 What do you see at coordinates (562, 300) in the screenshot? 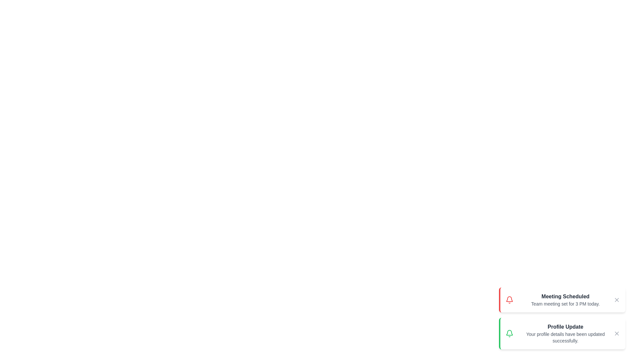
I see `the title and description of a notification by selecting 1` at bounding box center [562, 300].